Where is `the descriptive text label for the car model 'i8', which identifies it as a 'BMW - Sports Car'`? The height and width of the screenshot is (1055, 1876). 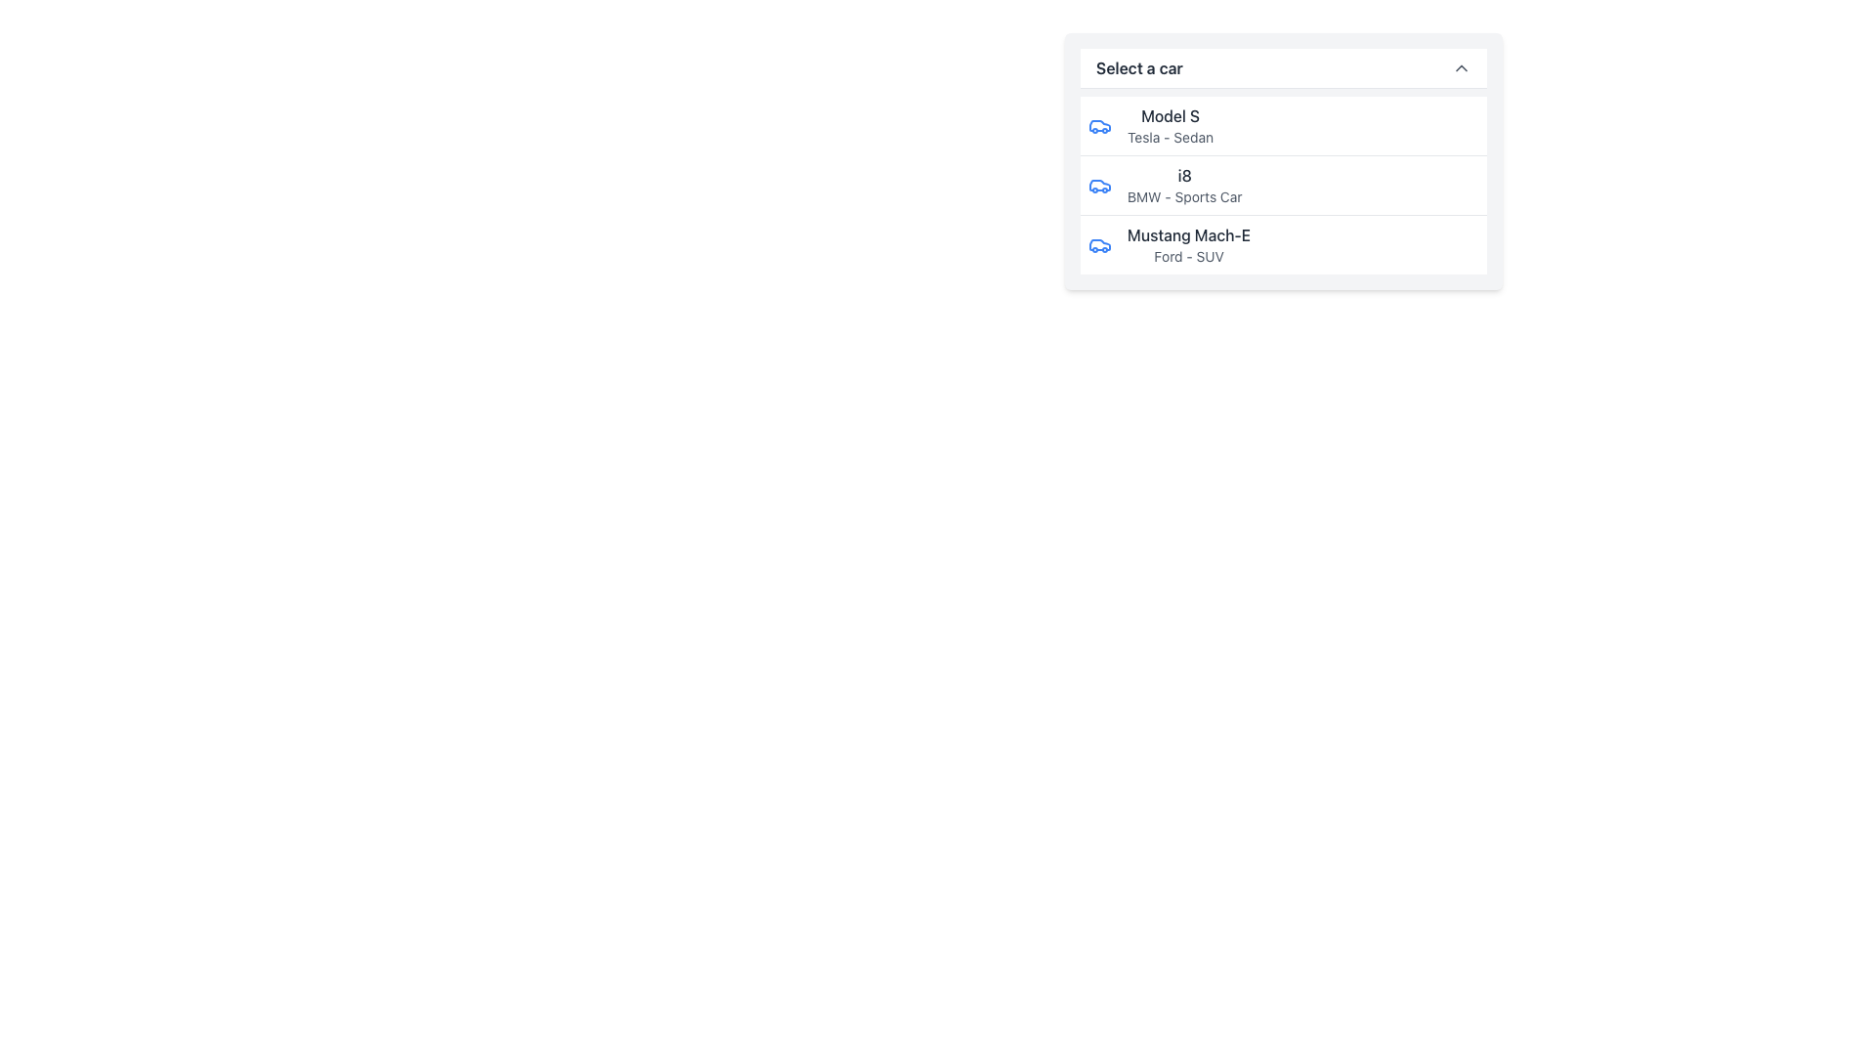
the descriptive text label for the car model 'i8', which identifies it as a 'BMW - Sports Car' is located at coordinates (1183, 196).